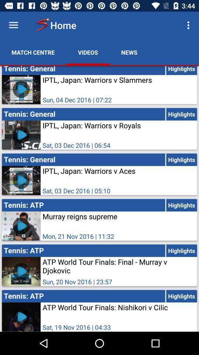  Describe the element at coordinates (33, 52) in the screenshot. I see `match centre icon` at that location.